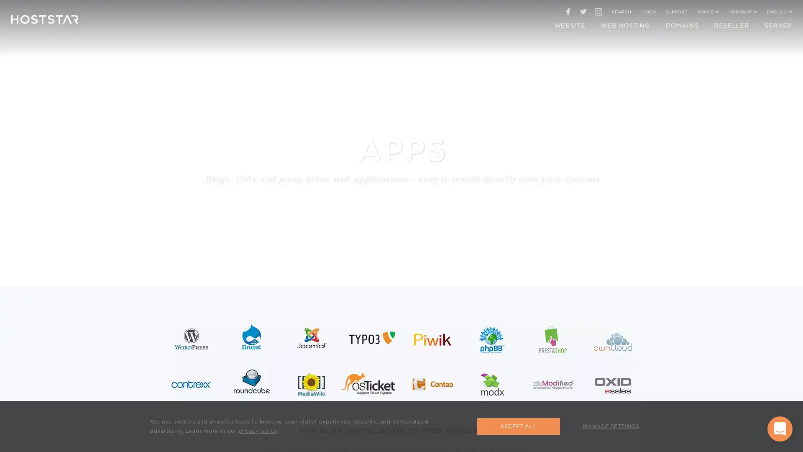  What do you see at coordinates (780, 429) in the screenshot?
I see `Open Intercom Messenger` at bounding box center [780, 429].